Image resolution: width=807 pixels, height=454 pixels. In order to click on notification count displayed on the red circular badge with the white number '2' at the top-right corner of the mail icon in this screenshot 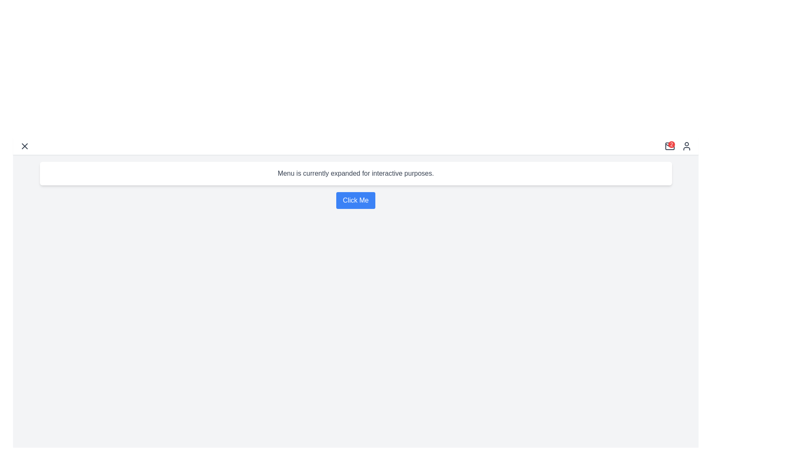, I will do `click(671, 144)`.